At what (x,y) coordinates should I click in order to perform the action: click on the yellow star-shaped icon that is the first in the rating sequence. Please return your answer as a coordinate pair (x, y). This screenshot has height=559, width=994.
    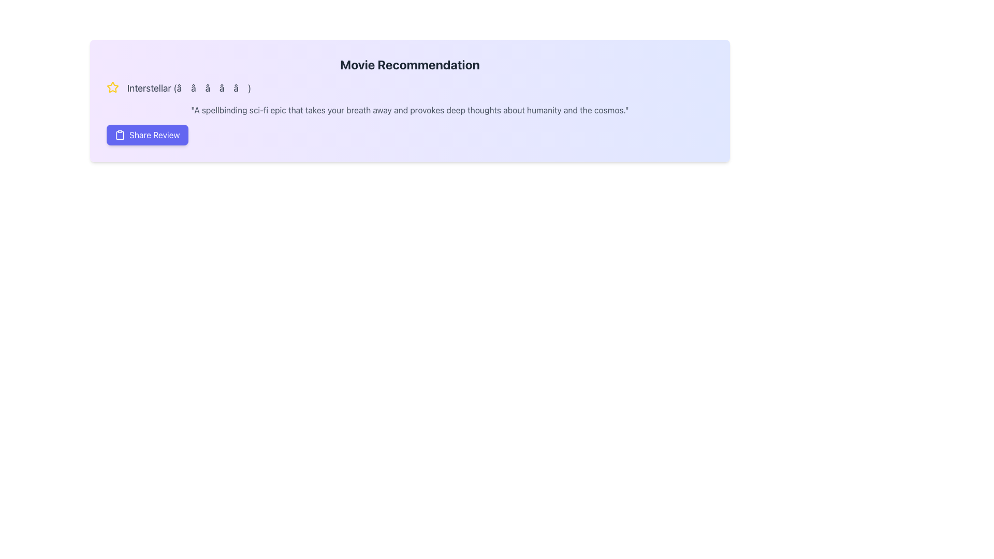
    Looking at the image, I should click on (112, 86).